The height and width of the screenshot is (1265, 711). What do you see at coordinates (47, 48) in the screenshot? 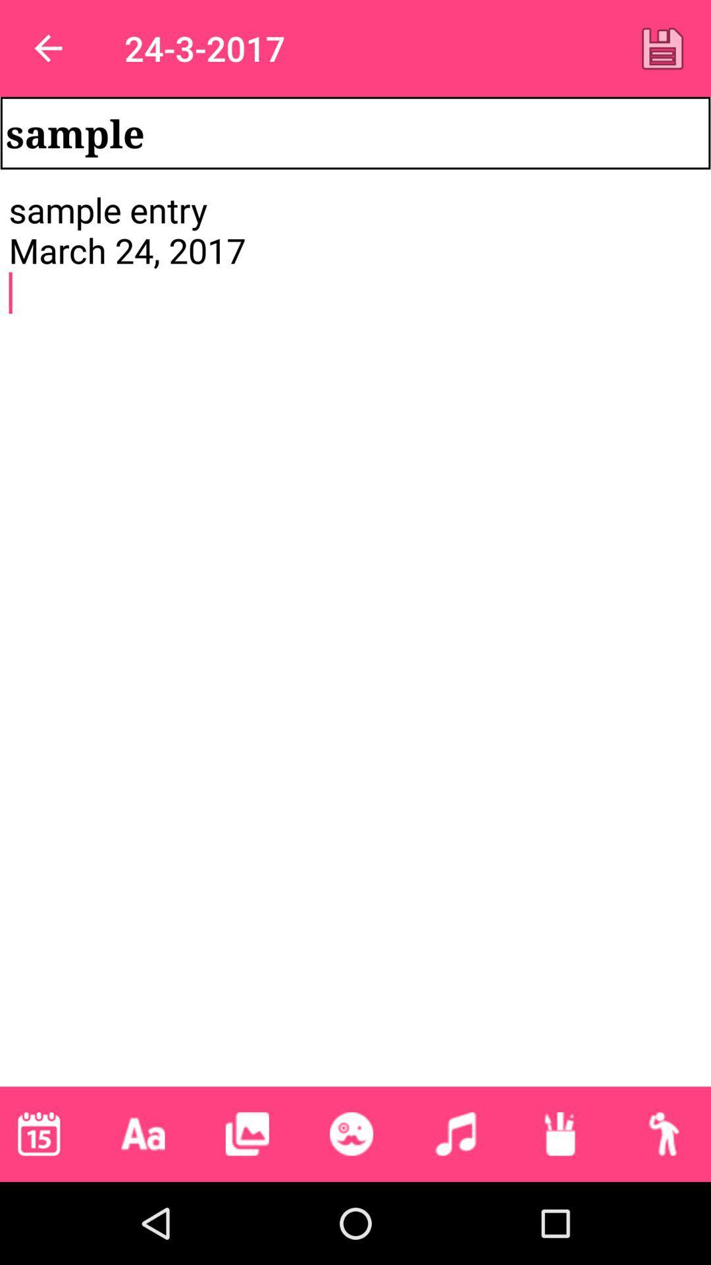
I see `item above the sample item` at bounding box center [47, 48].